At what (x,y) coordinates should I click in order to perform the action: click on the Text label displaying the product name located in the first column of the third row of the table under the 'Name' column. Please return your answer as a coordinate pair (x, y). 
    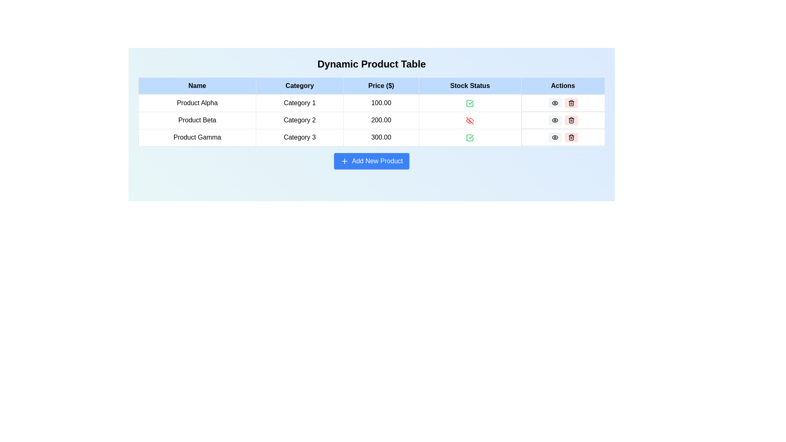
    Looking at the image, I should click on (197, 137).